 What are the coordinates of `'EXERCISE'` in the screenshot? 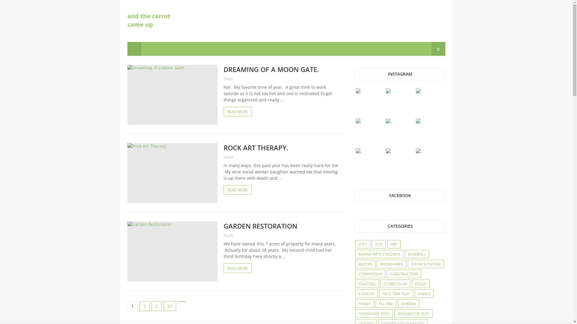 It's located at (366, 293).